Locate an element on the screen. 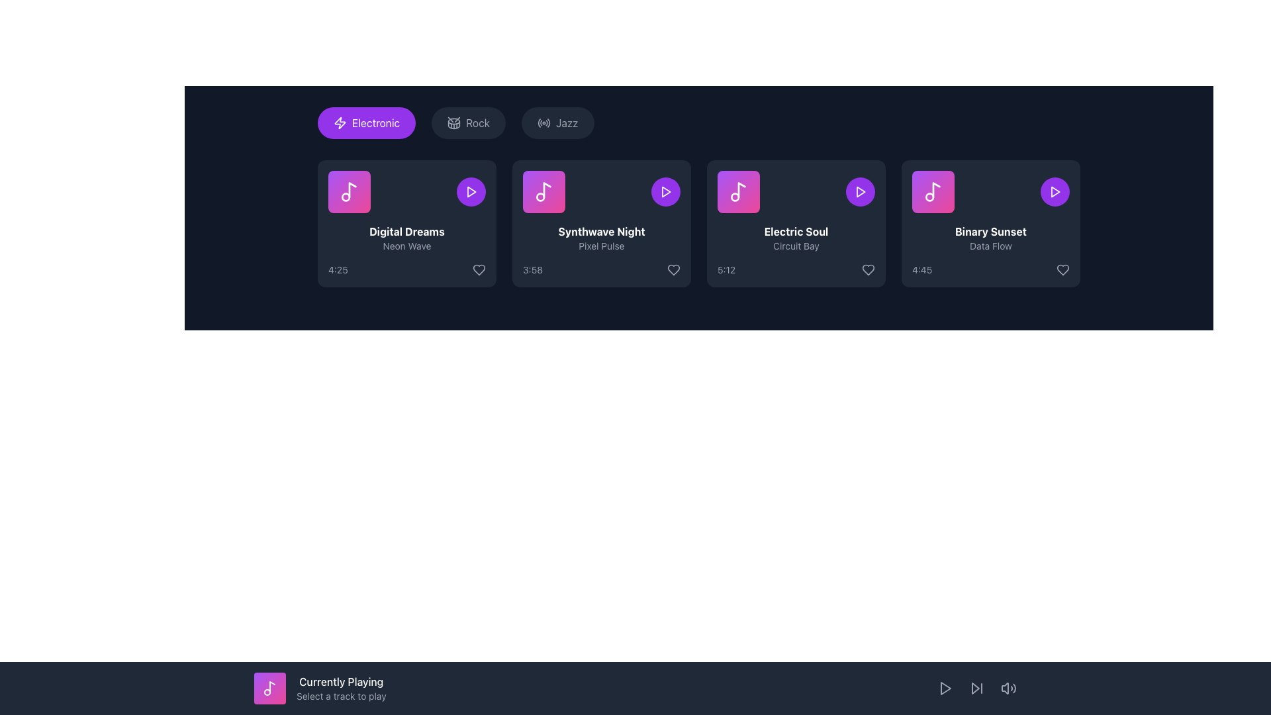 Image resolution: width=1271 pixels, height=715 pixels. the heart-shaped like button located at the bottom-right corner of the 'Synthwave Night' card to like the song is located at coordinates (673, 269).